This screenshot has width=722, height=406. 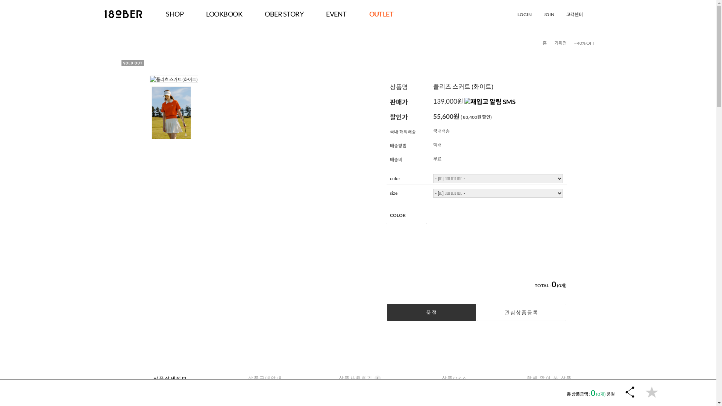 What do you see at coordinates (284, 14) in the screenshot?
I see `'OBER STORY'` at bounding box center [284, 14].